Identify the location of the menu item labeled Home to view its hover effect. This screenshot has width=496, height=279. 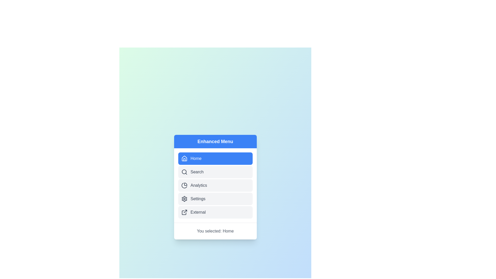
(215, 158).